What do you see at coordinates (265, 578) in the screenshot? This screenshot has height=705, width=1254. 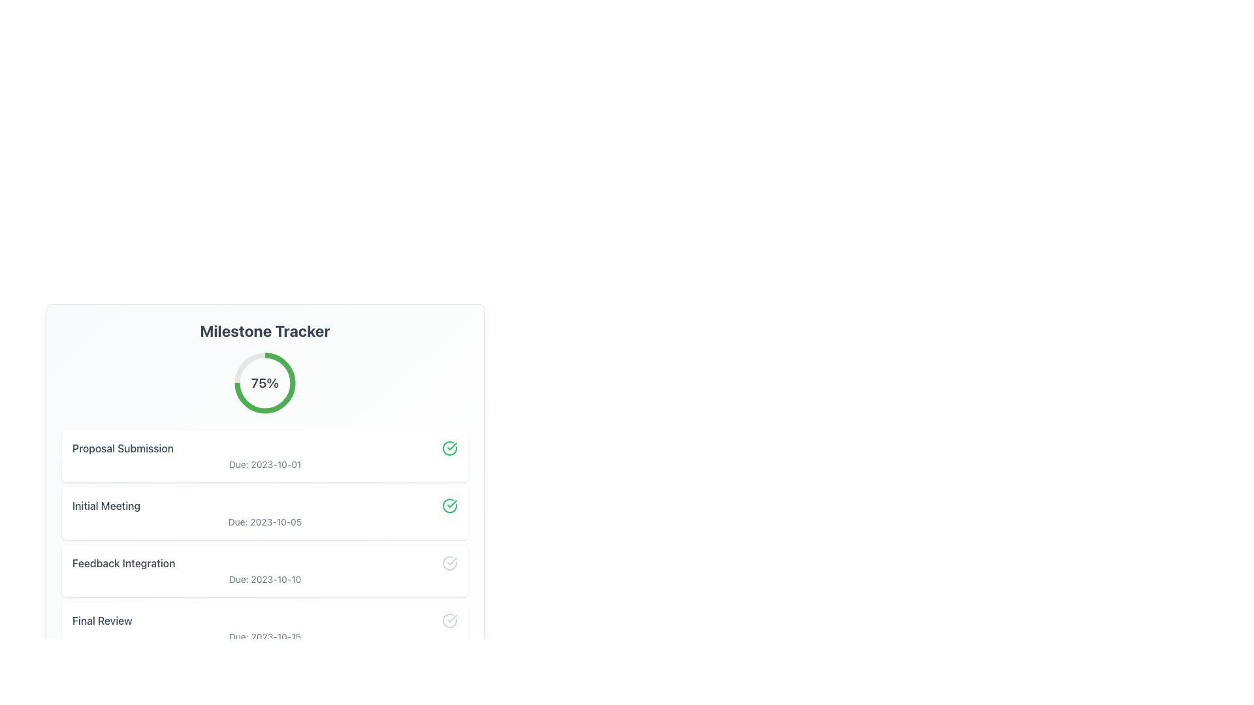 I see `the text label that informs users about the due date associated with the 'Feedback Integration' task` at bounding box center [265, 578].